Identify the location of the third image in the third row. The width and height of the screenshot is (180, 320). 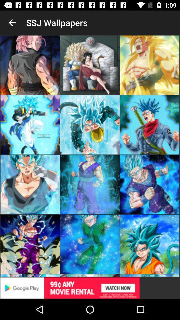
(150, 185).